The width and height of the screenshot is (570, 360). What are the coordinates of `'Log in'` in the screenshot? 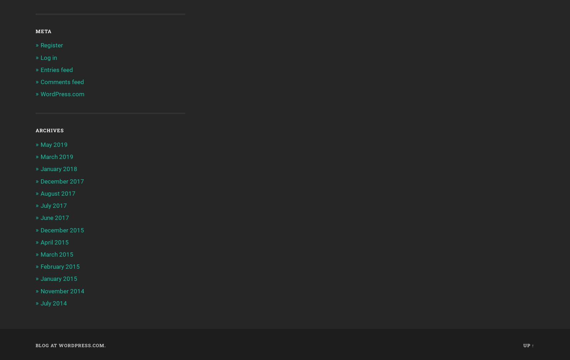 It's located at (48, 57).